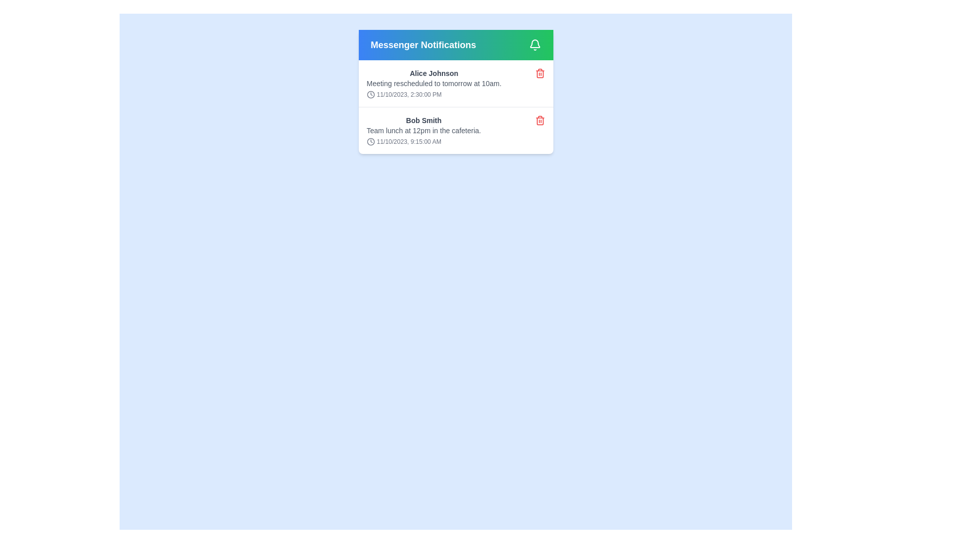 This screenshot has width=973, height=547. Describe the element at coordinates (424, 120) in the screenshot. I see `text label displaying the name 'Bob Smith' styled in bold gray font, located at the top of the second notification card under 'Messenger Notifications.'` at that location.